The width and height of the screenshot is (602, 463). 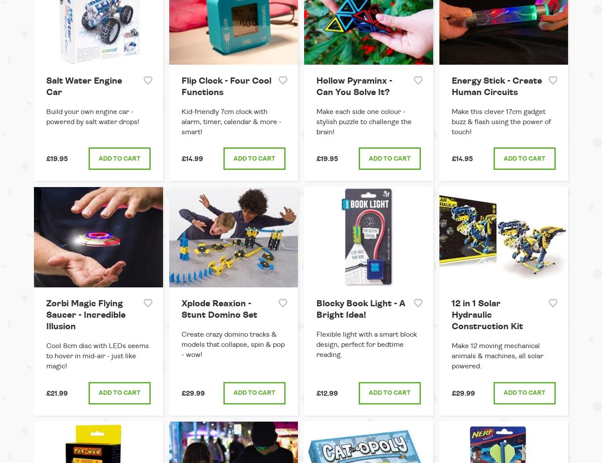 I want to click on 'Flip Clock - Four Cool Functions', so click(x=226, y=86).